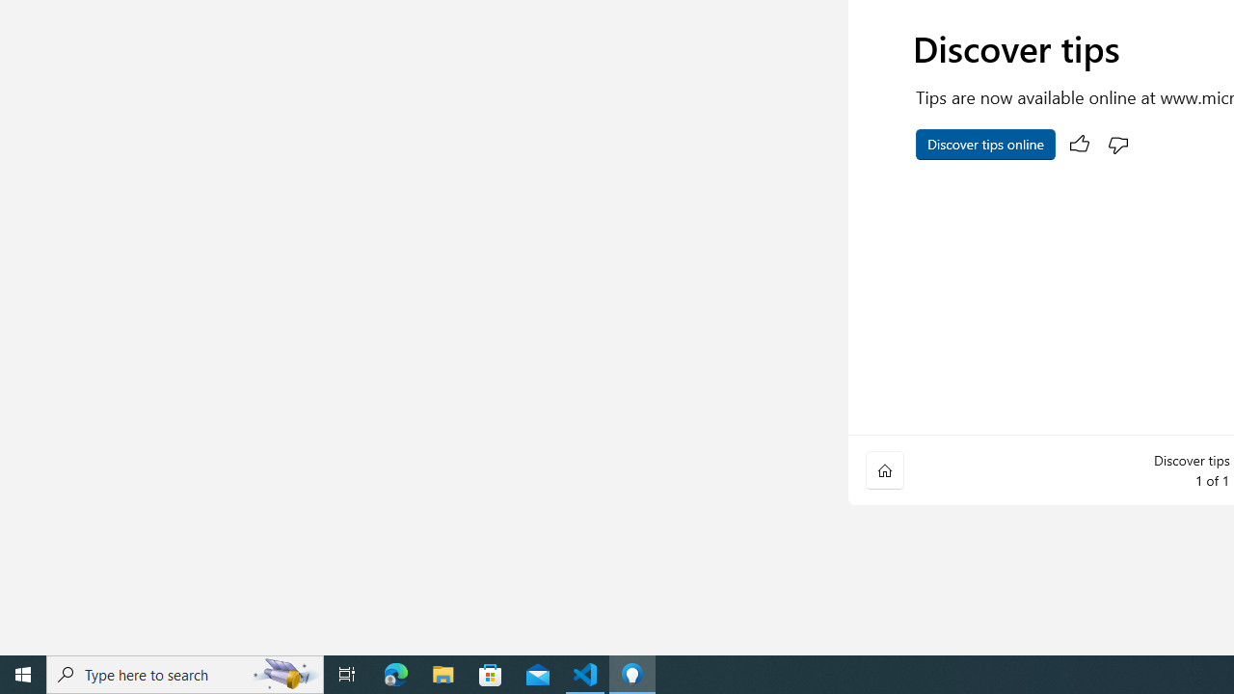 This screenshot has height=694, width=1234. What do you see at coordinates (1118, 144) in the screenshot?
I see `'Rate this tip. This is not helpful.'` at bounding box center [1118, 144].